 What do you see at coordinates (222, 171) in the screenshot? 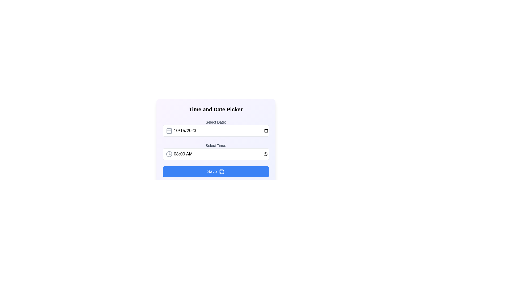
I see `the save icon located on the right side of the 'Save' button, which visually enhances its functionality` at bounding box center [222, 171].